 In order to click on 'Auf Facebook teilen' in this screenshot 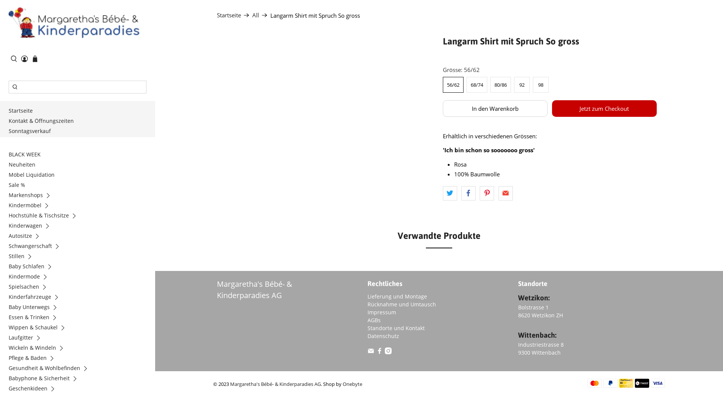, I will do `click(461, 193)`.